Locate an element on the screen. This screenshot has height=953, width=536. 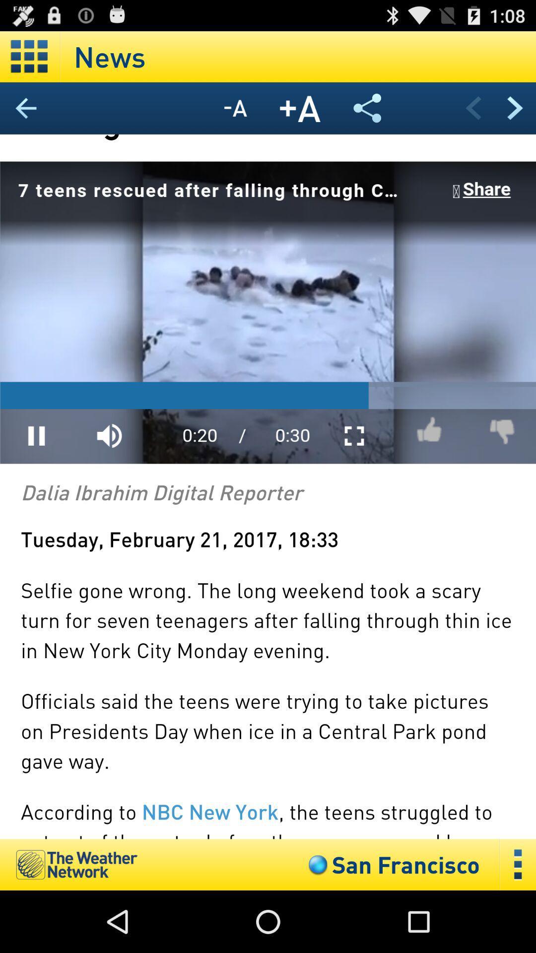
option is located at coordinates (29, 56).